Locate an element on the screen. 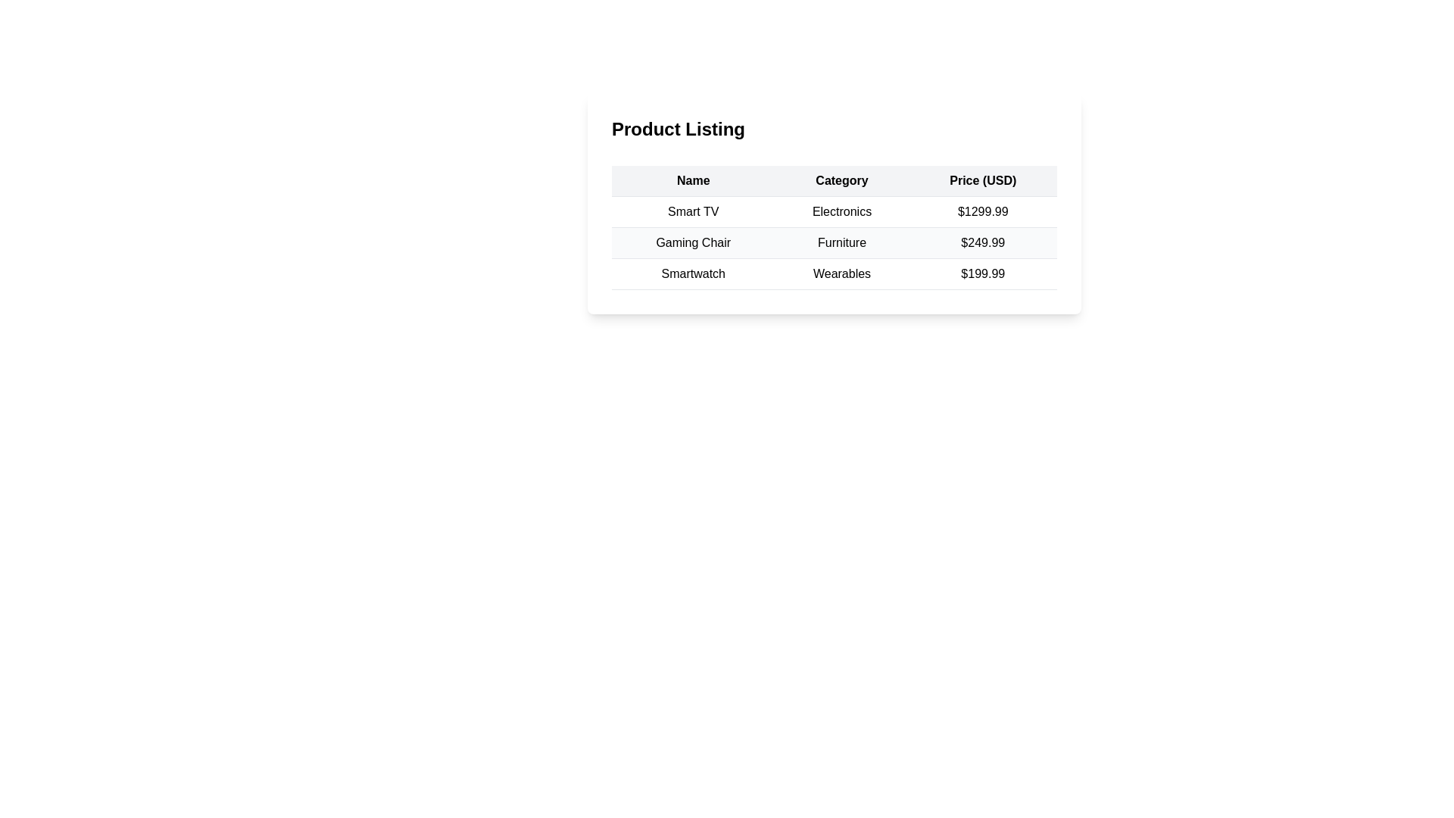 This screenshot has width=1454, height=818. text value of the price label located in the first row of the table under the 'Price (USD)' column, aligned to the right of the 'Smart TV' and 'Electronics' text is located at coordinates (983, 212).